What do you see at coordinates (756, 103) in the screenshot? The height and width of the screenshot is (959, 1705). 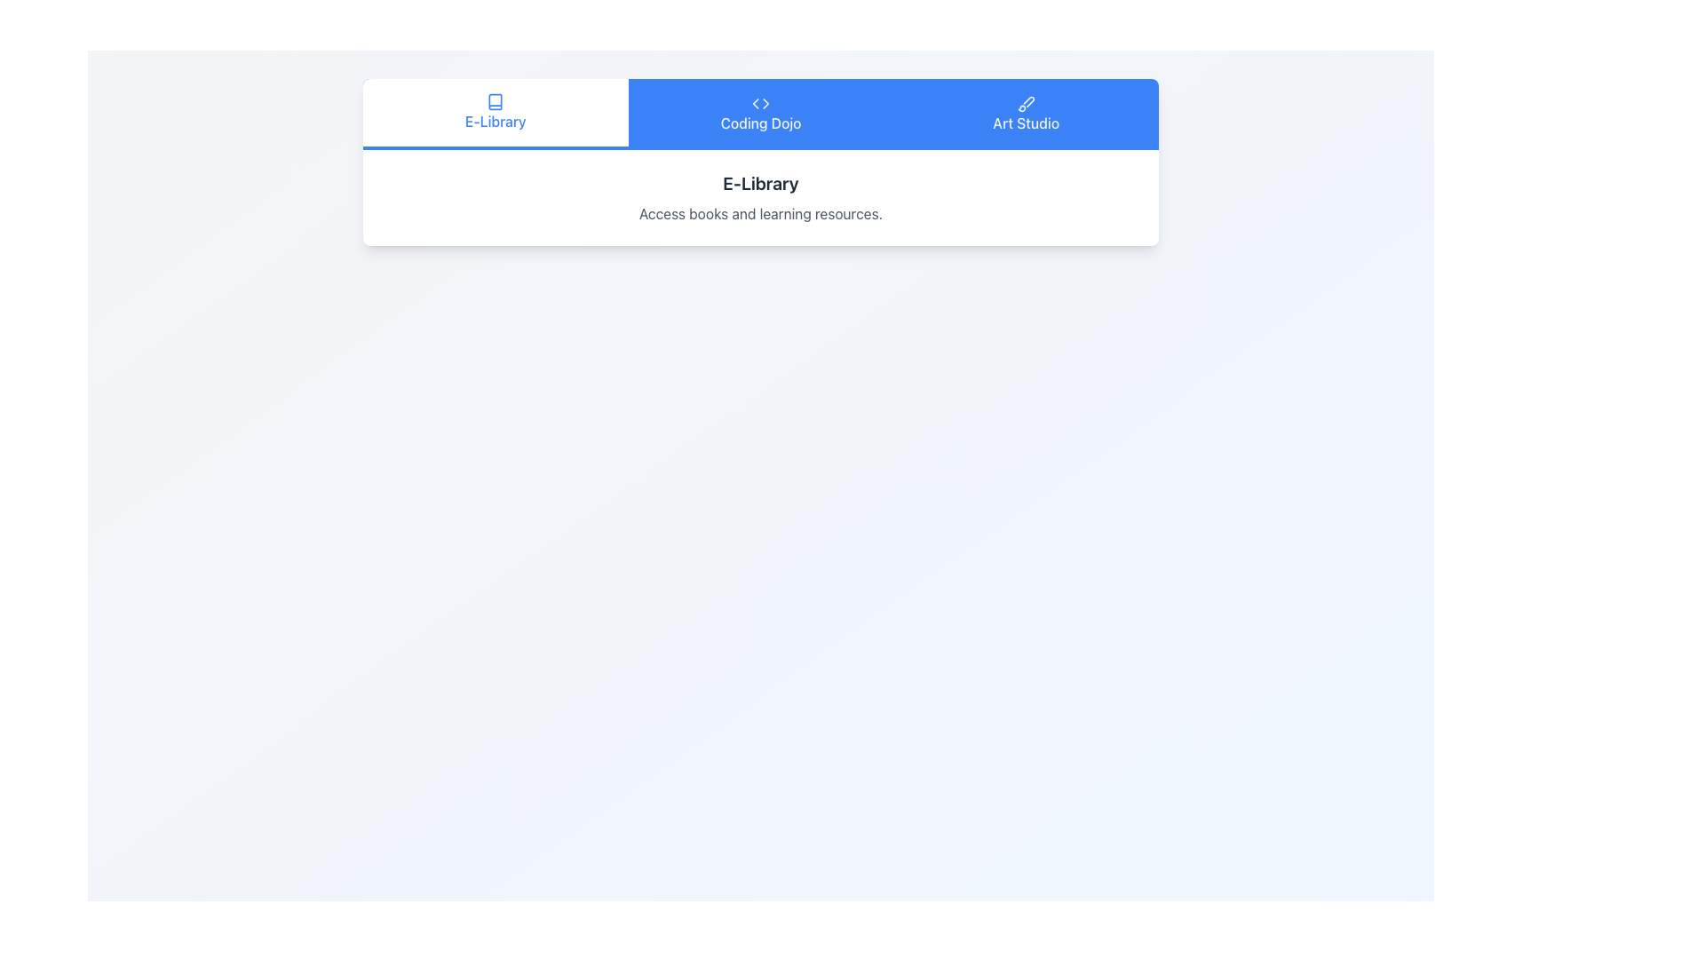 I see `the left-pointing triangular-shaped icon above the 'Coding Dojo' label in the horizontal navigation bar for additional UI feedback` at bounding box center [756, 103].